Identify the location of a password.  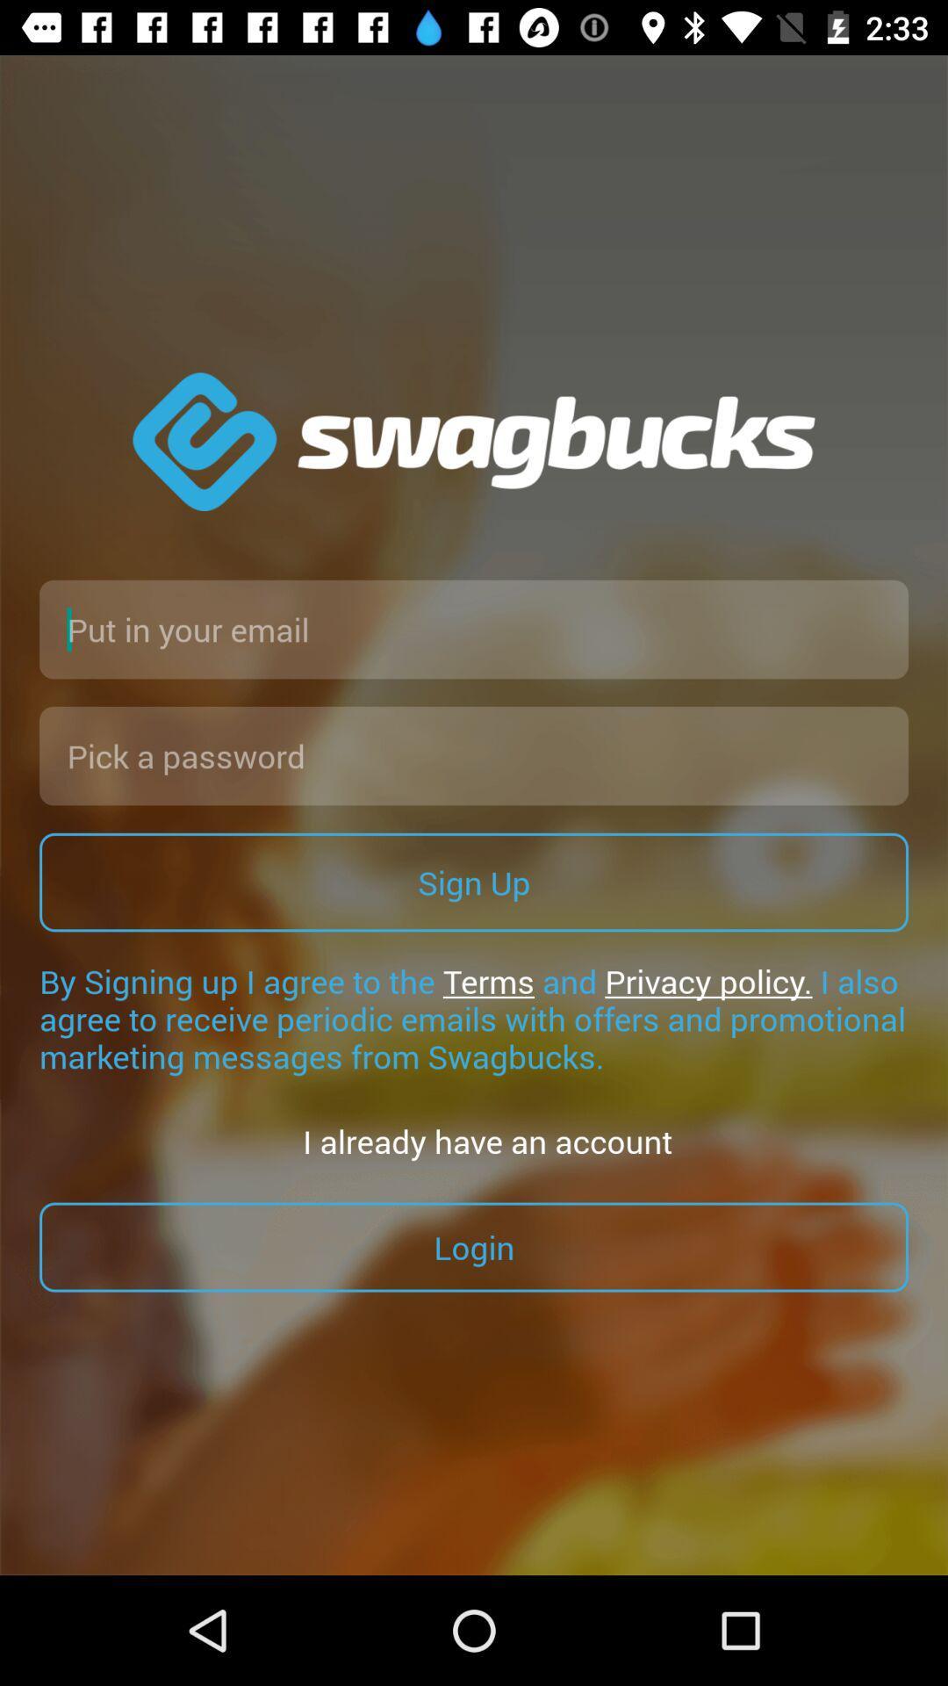
(474, 755).